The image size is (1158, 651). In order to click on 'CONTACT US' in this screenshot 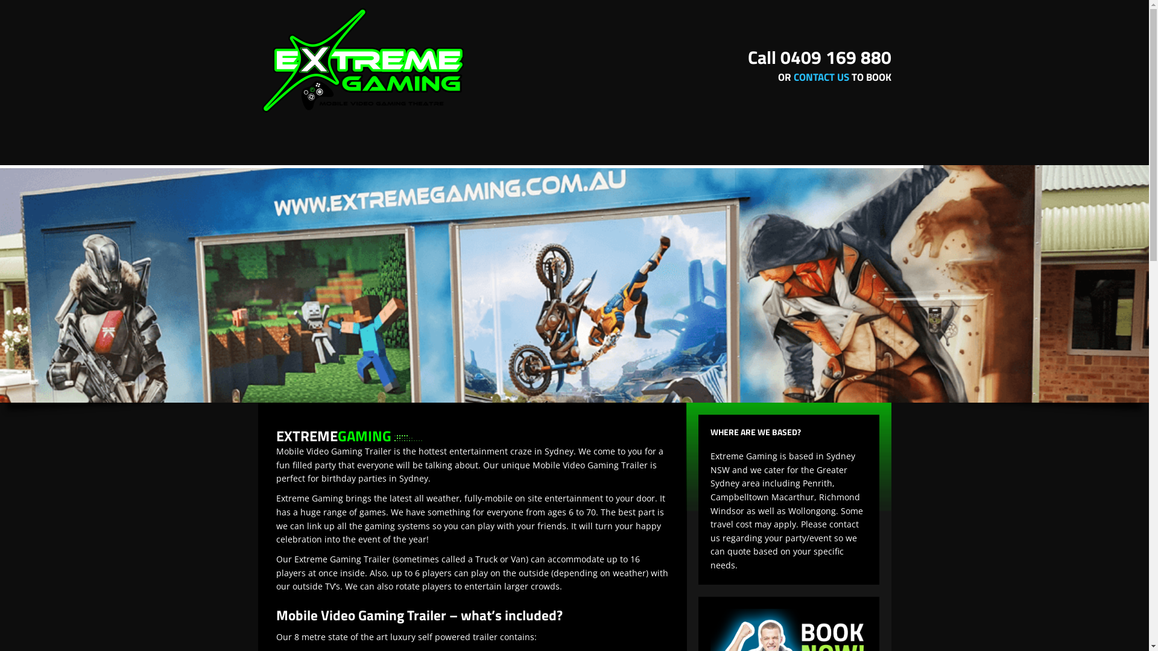, I will do `click(821, 77)`.